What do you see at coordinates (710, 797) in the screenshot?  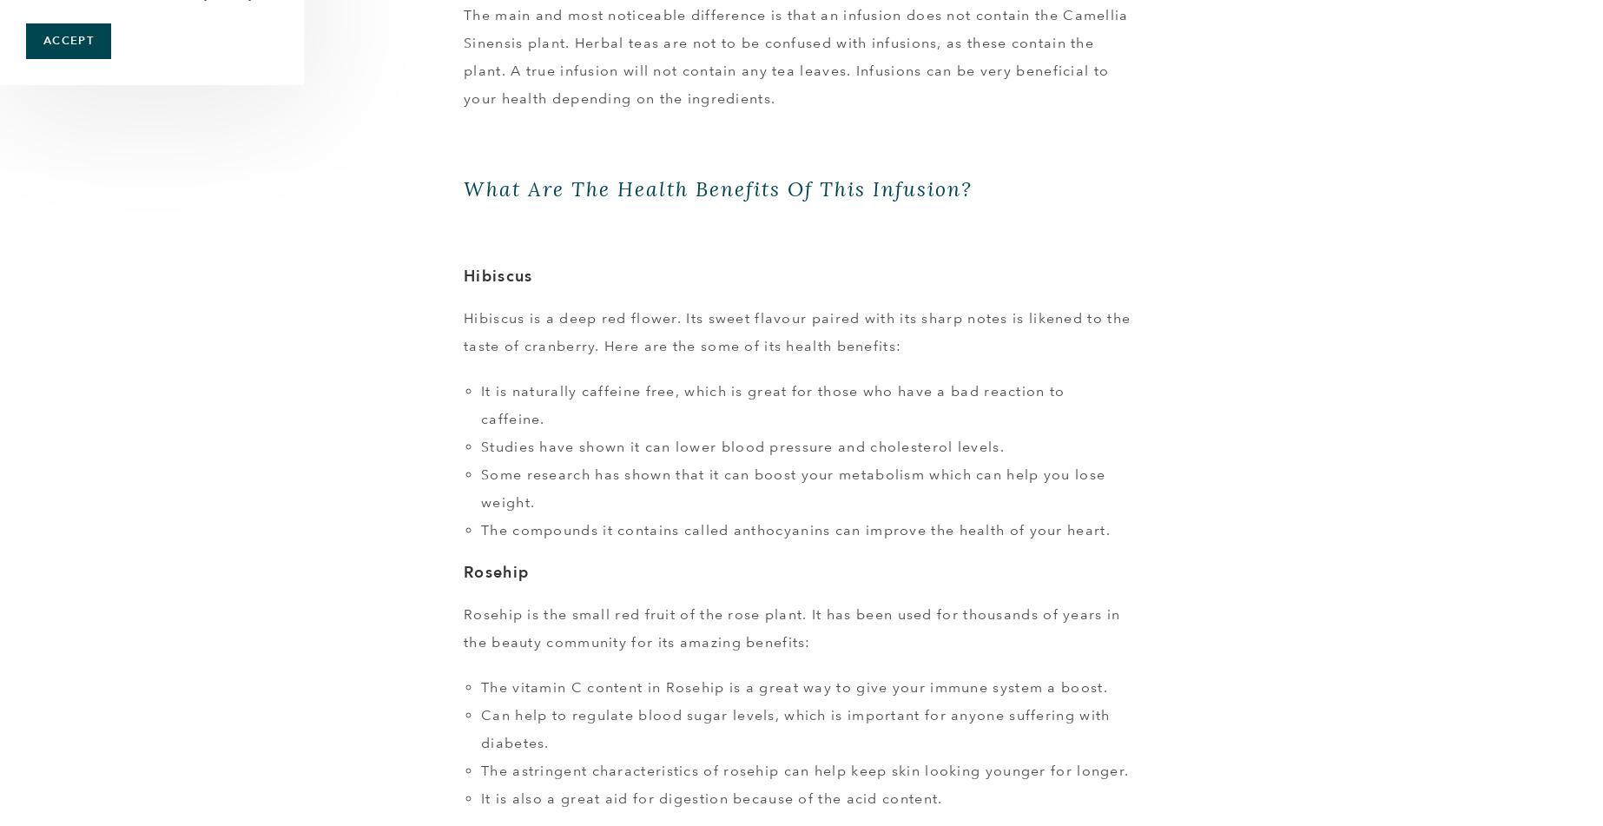 I see `'It is also a great aid for digestion because of the acid content.'` at bounding box center [710, 797].